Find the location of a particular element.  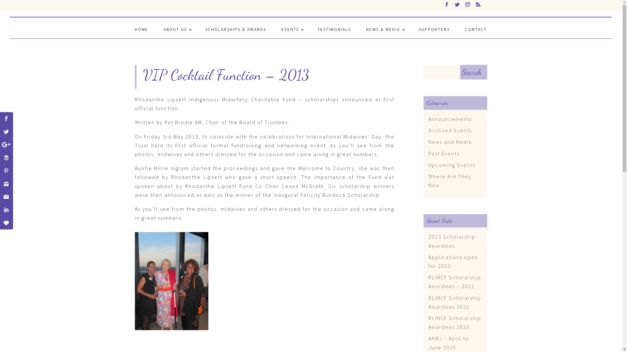

'SUPPORTERS' is located at coordinates (434, 33).